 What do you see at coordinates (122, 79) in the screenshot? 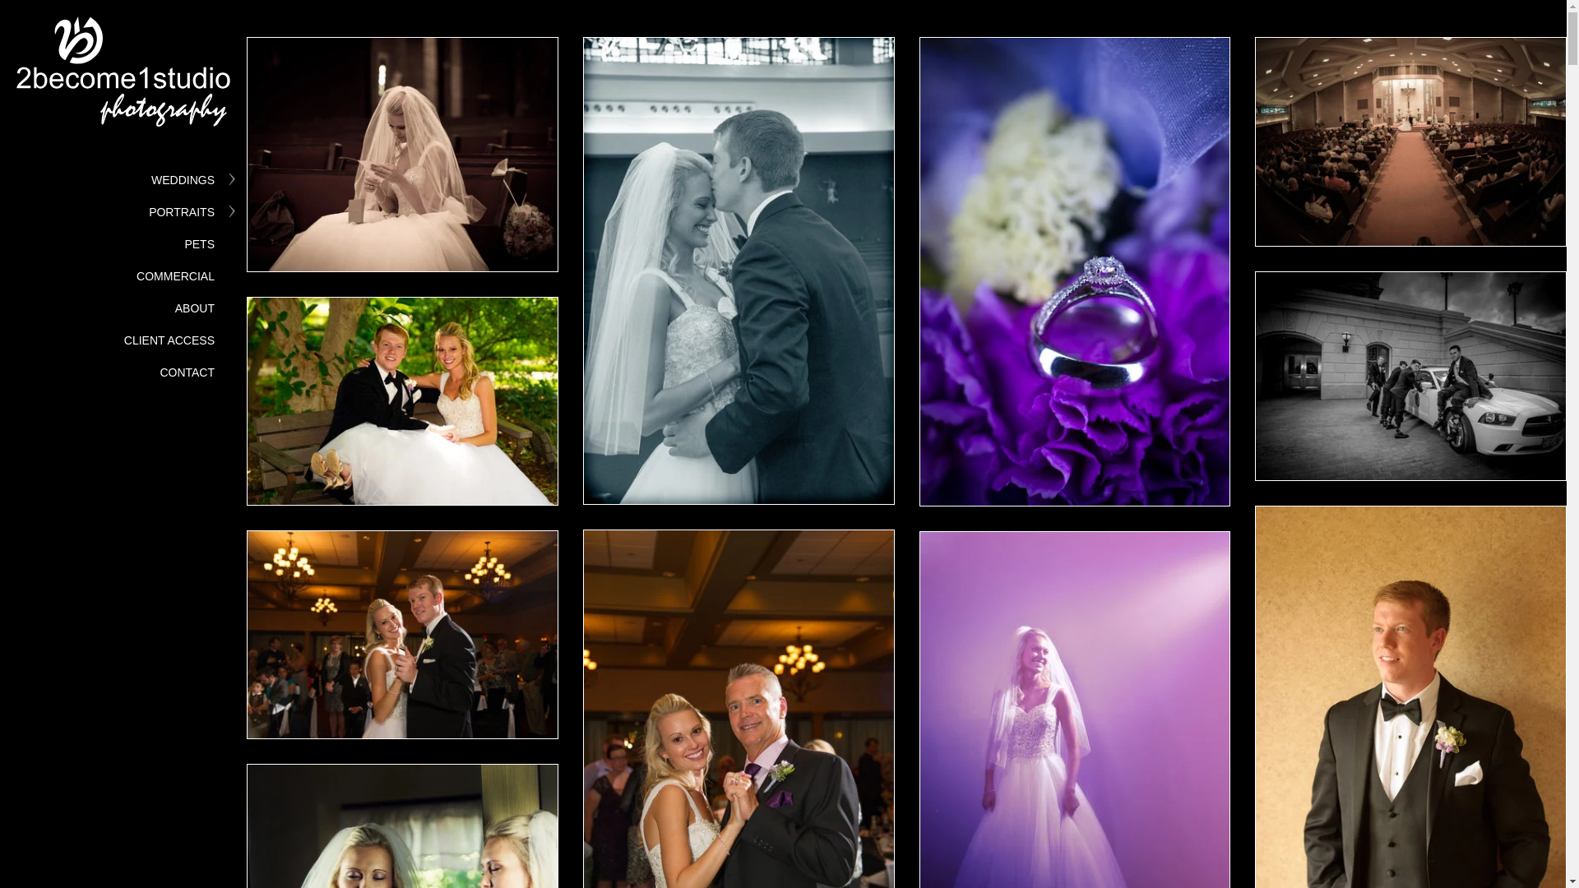
I see `'2become1studio'` at bounding box center [122, 79].